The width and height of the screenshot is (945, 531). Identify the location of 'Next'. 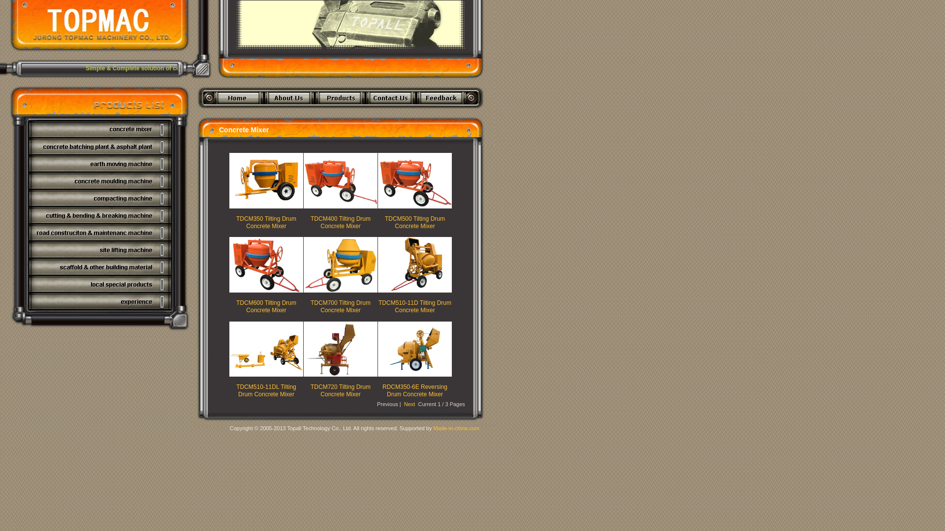
(409, 404).